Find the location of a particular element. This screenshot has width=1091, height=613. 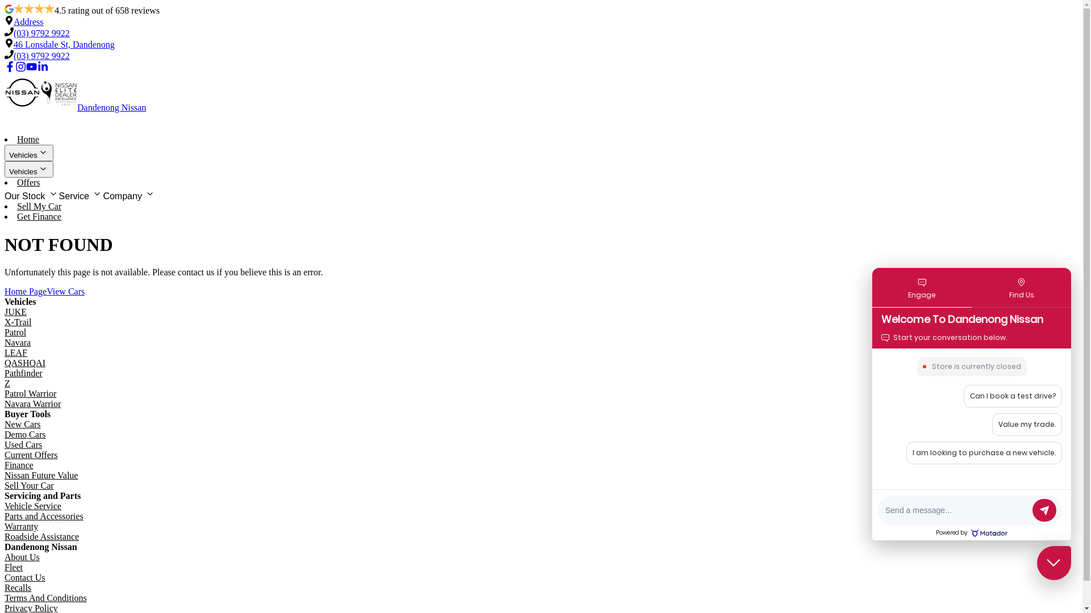

'(03) 9792 9922' is located at coordinates (41, 32).